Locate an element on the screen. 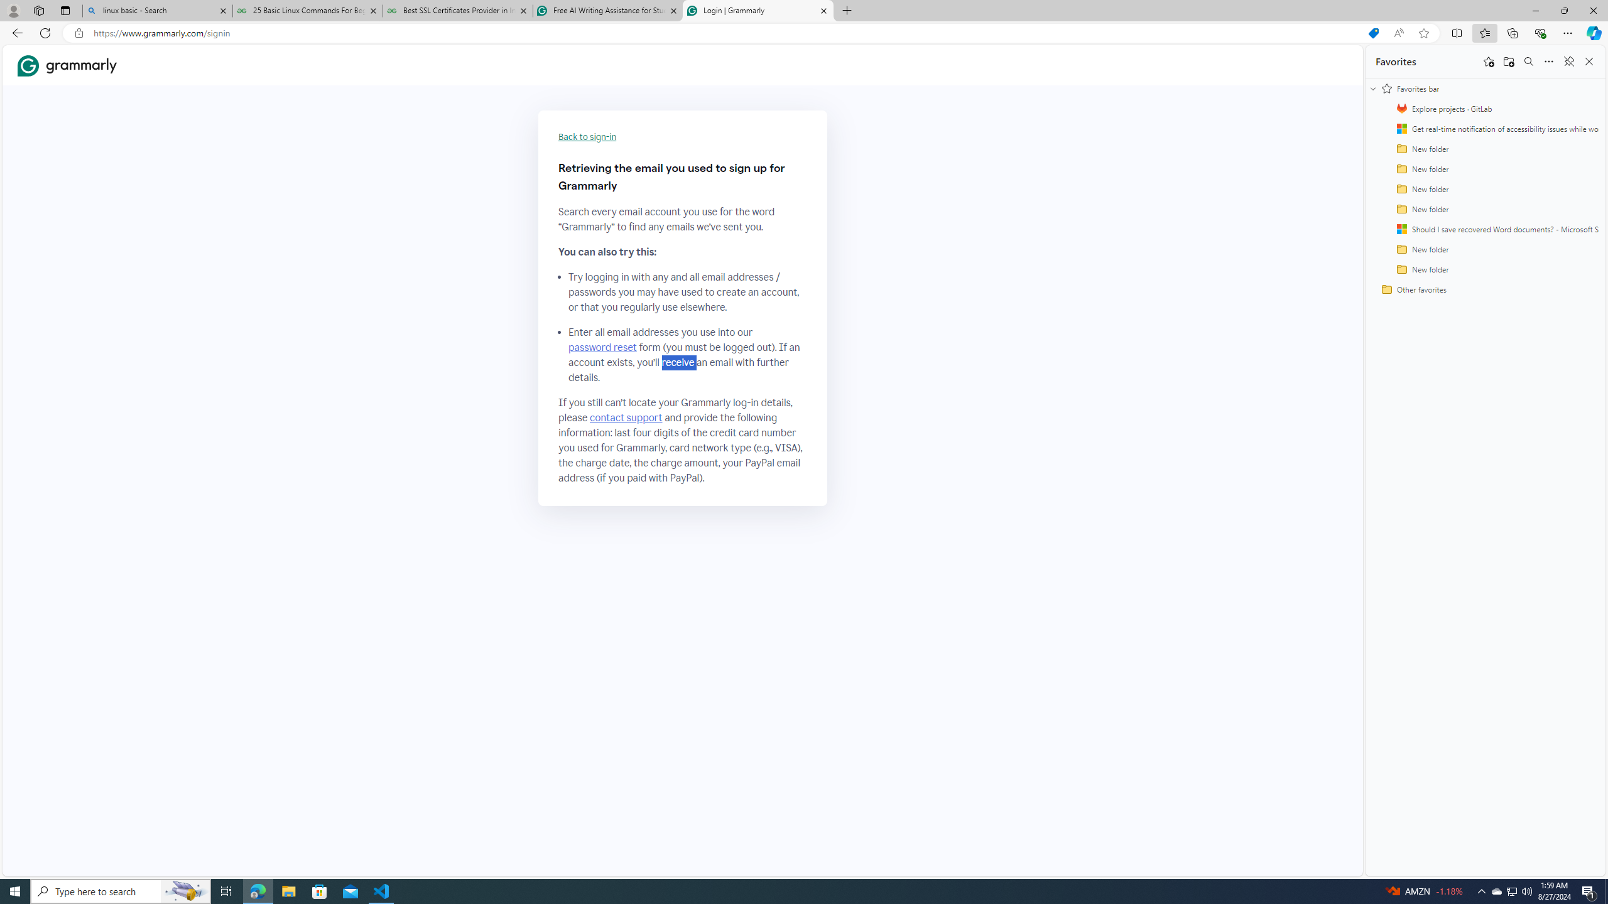  'contact support' is located at coordinates (626, 418).